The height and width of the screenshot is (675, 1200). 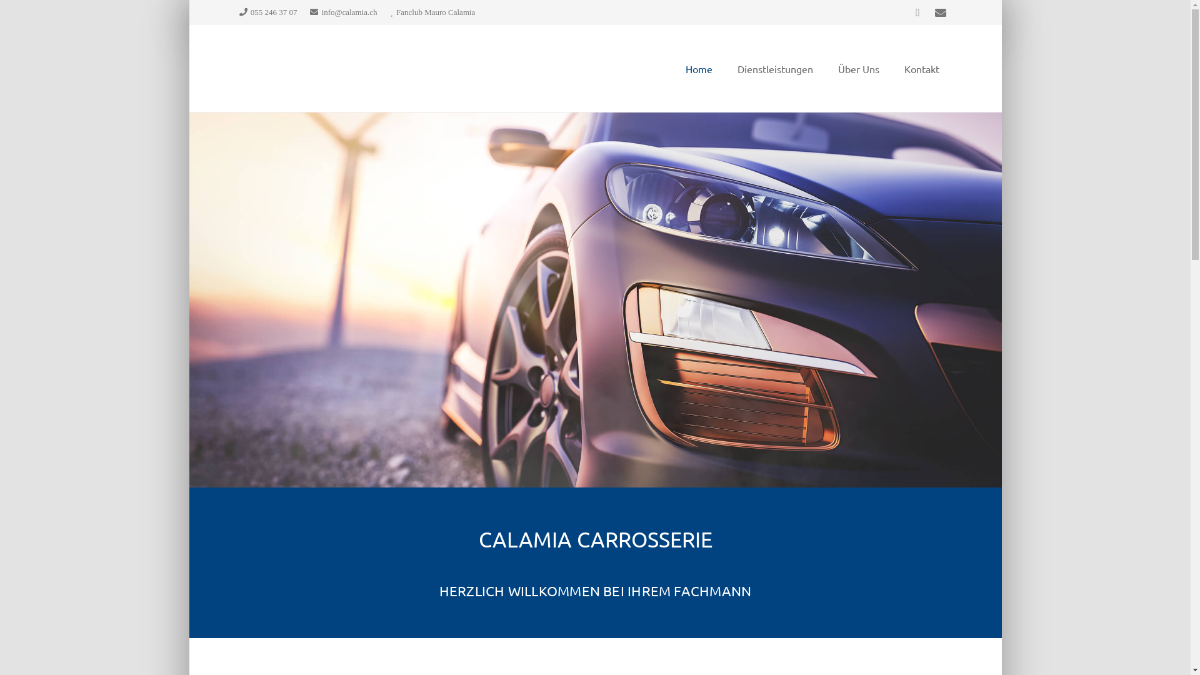 What do you see at coordinates (939, 12) in the screenshot?
I see `'E-Mail'` at bounding box center [939, 12].